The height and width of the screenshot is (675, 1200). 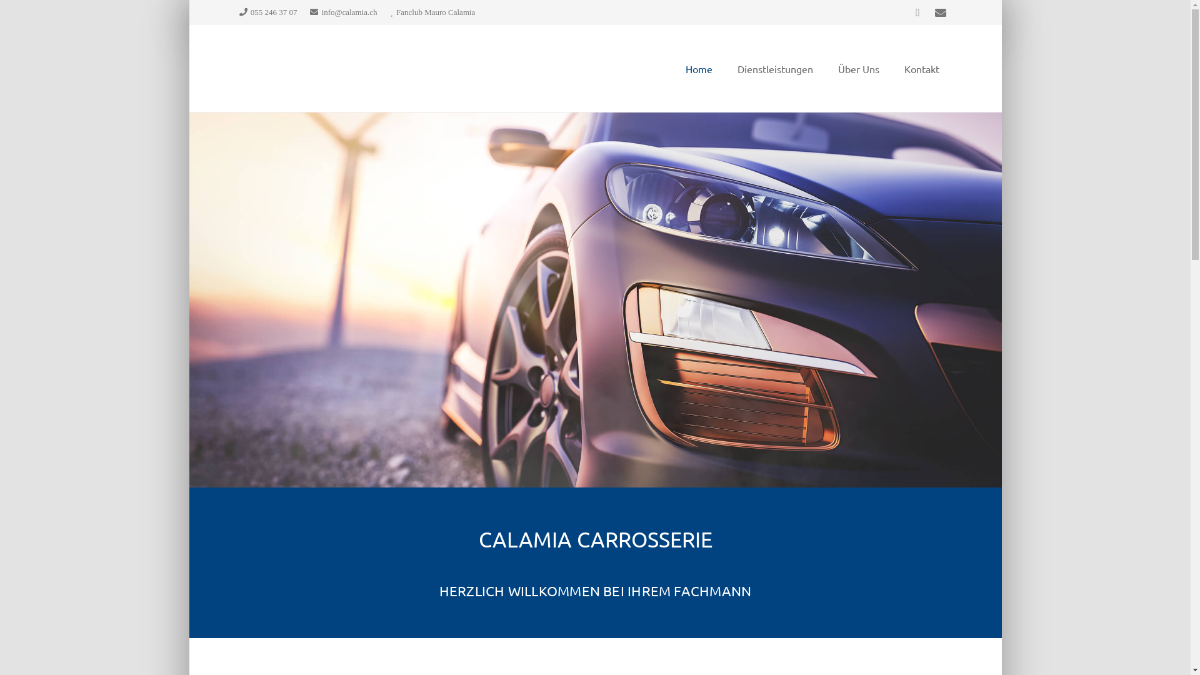 What do you see at coordinates (939, 12) in the screenshot?
I see `'E-Mail'` at bounding box center [939, 12].